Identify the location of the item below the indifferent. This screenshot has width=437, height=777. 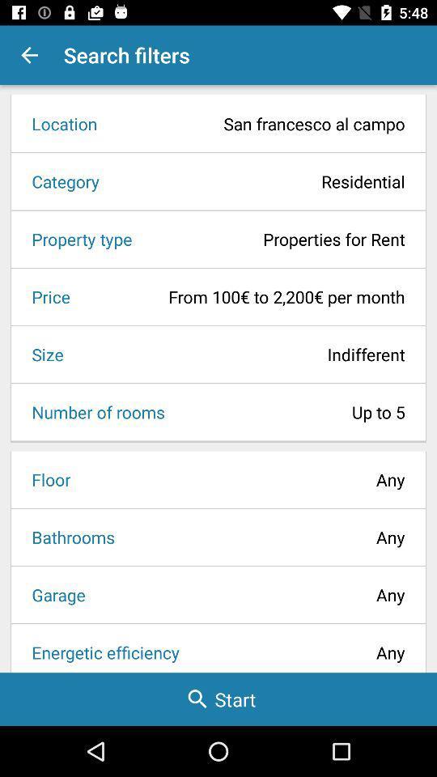
(289, 411).